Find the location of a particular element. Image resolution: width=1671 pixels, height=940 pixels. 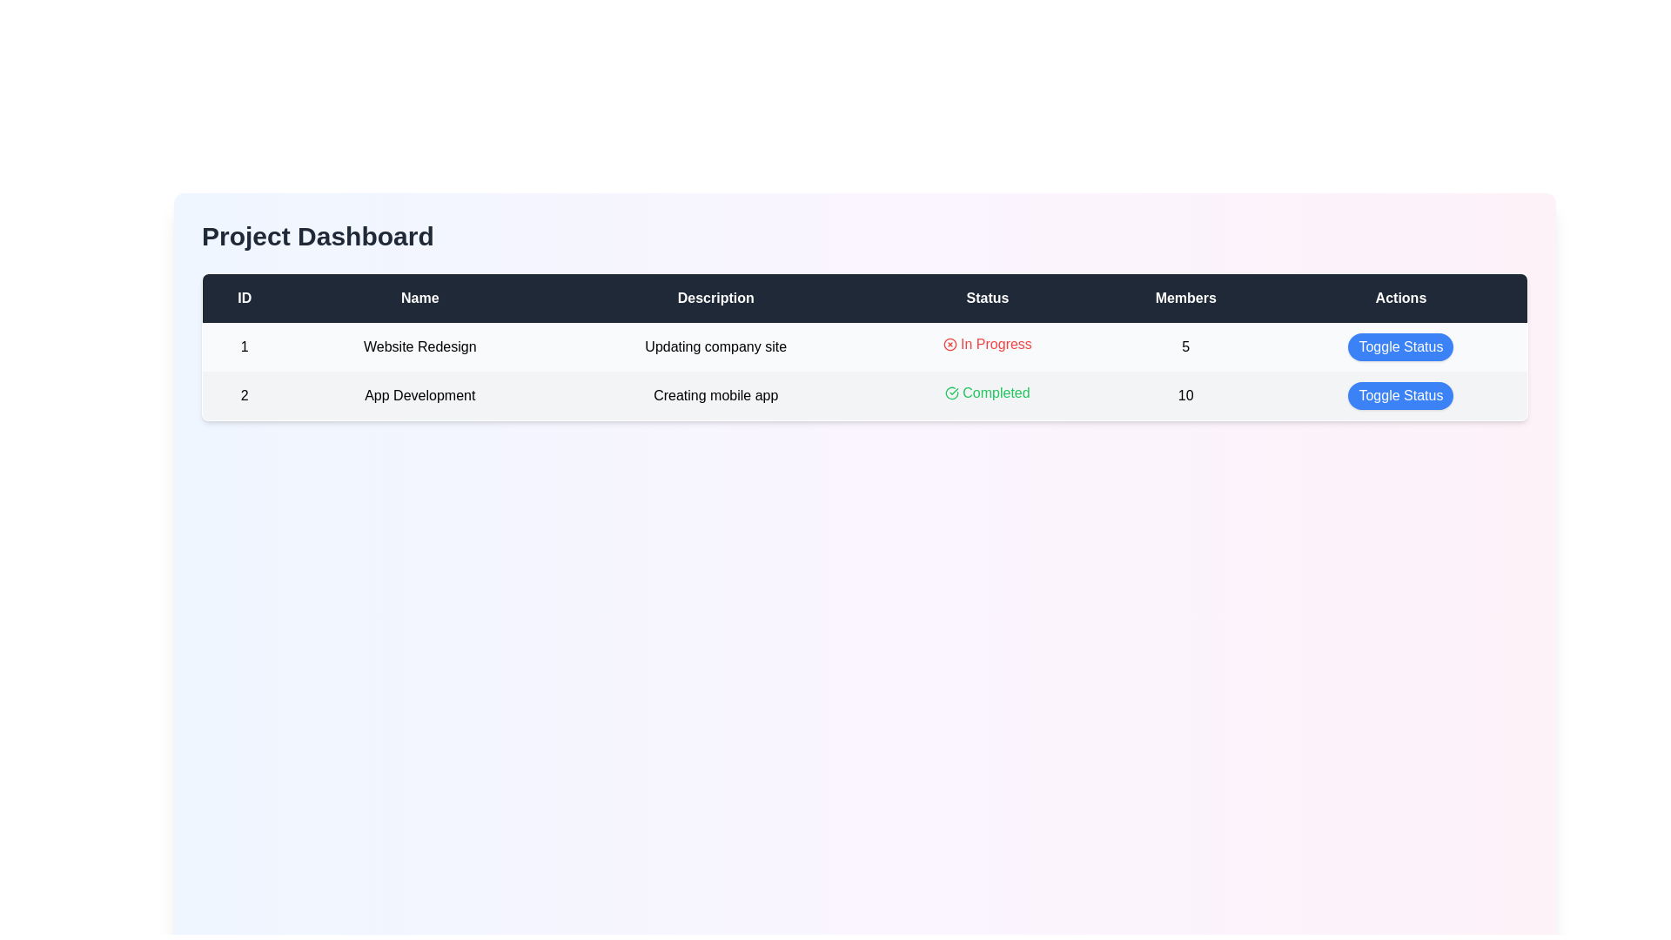

the 'In Progress' status icon located in the 'Status' column of the 'Website Redesign' project is located at coordinates (950, 345).